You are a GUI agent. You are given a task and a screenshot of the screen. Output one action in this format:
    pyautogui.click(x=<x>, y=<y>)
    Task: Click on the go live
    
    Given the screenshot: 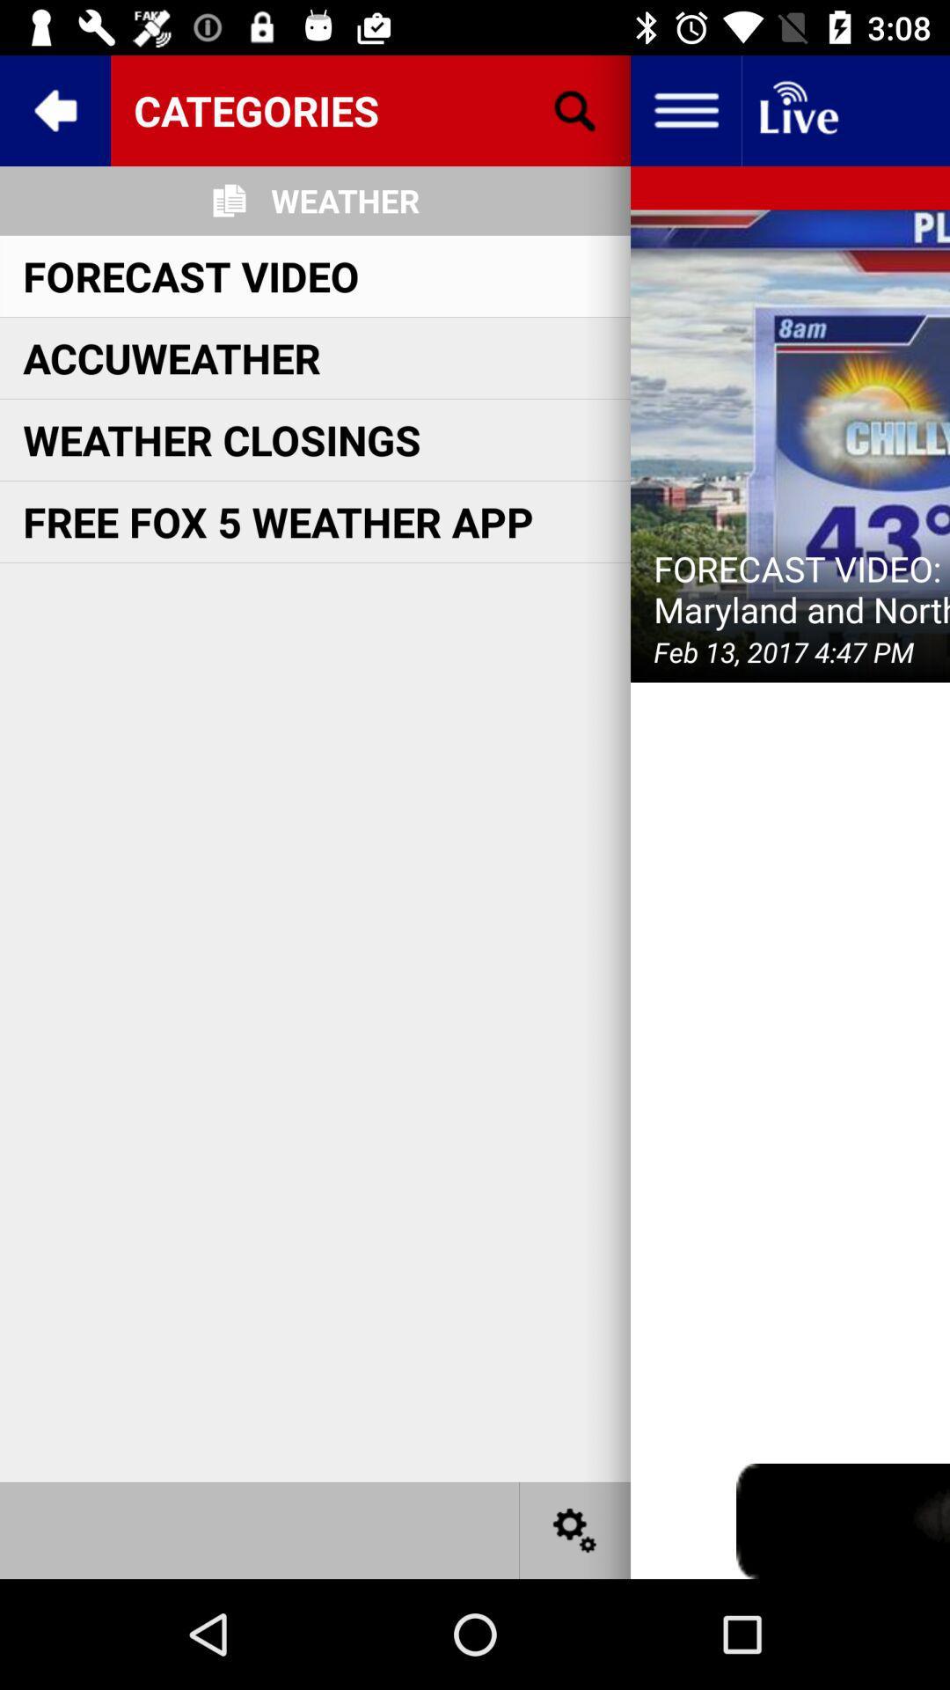 What is the action you would take?
    pyautogui.click(x=797, y=109)
    